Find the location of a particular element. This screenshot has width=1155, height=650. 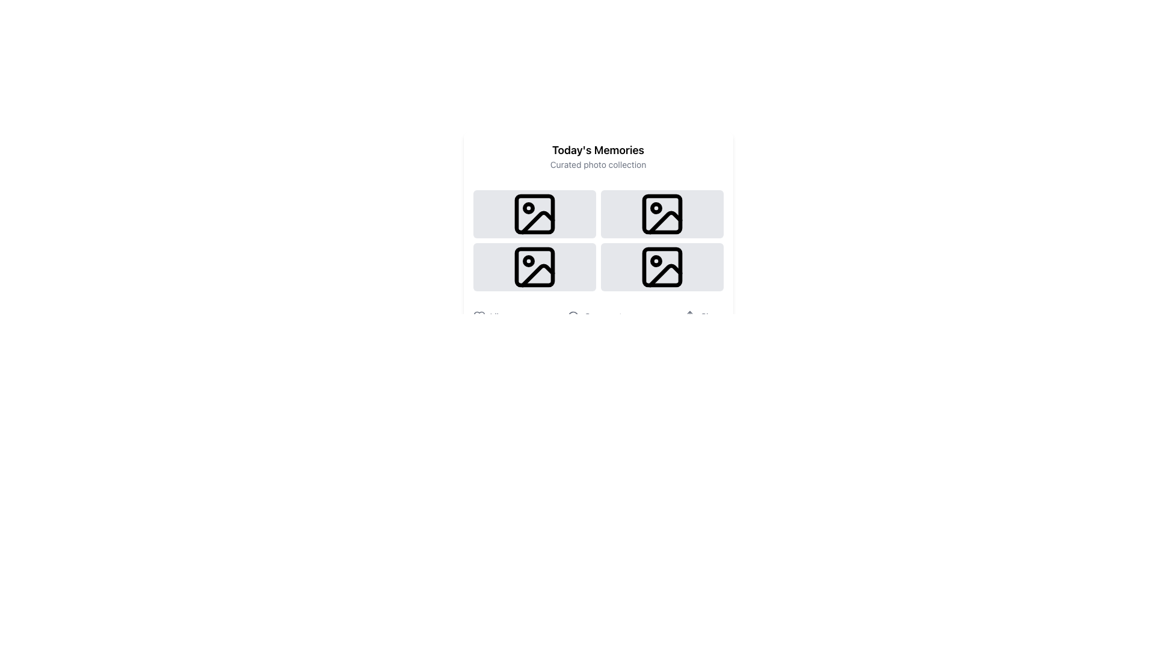

the 'Share' button located at the bottom-right of the interface is located at coordinates (703, 315).